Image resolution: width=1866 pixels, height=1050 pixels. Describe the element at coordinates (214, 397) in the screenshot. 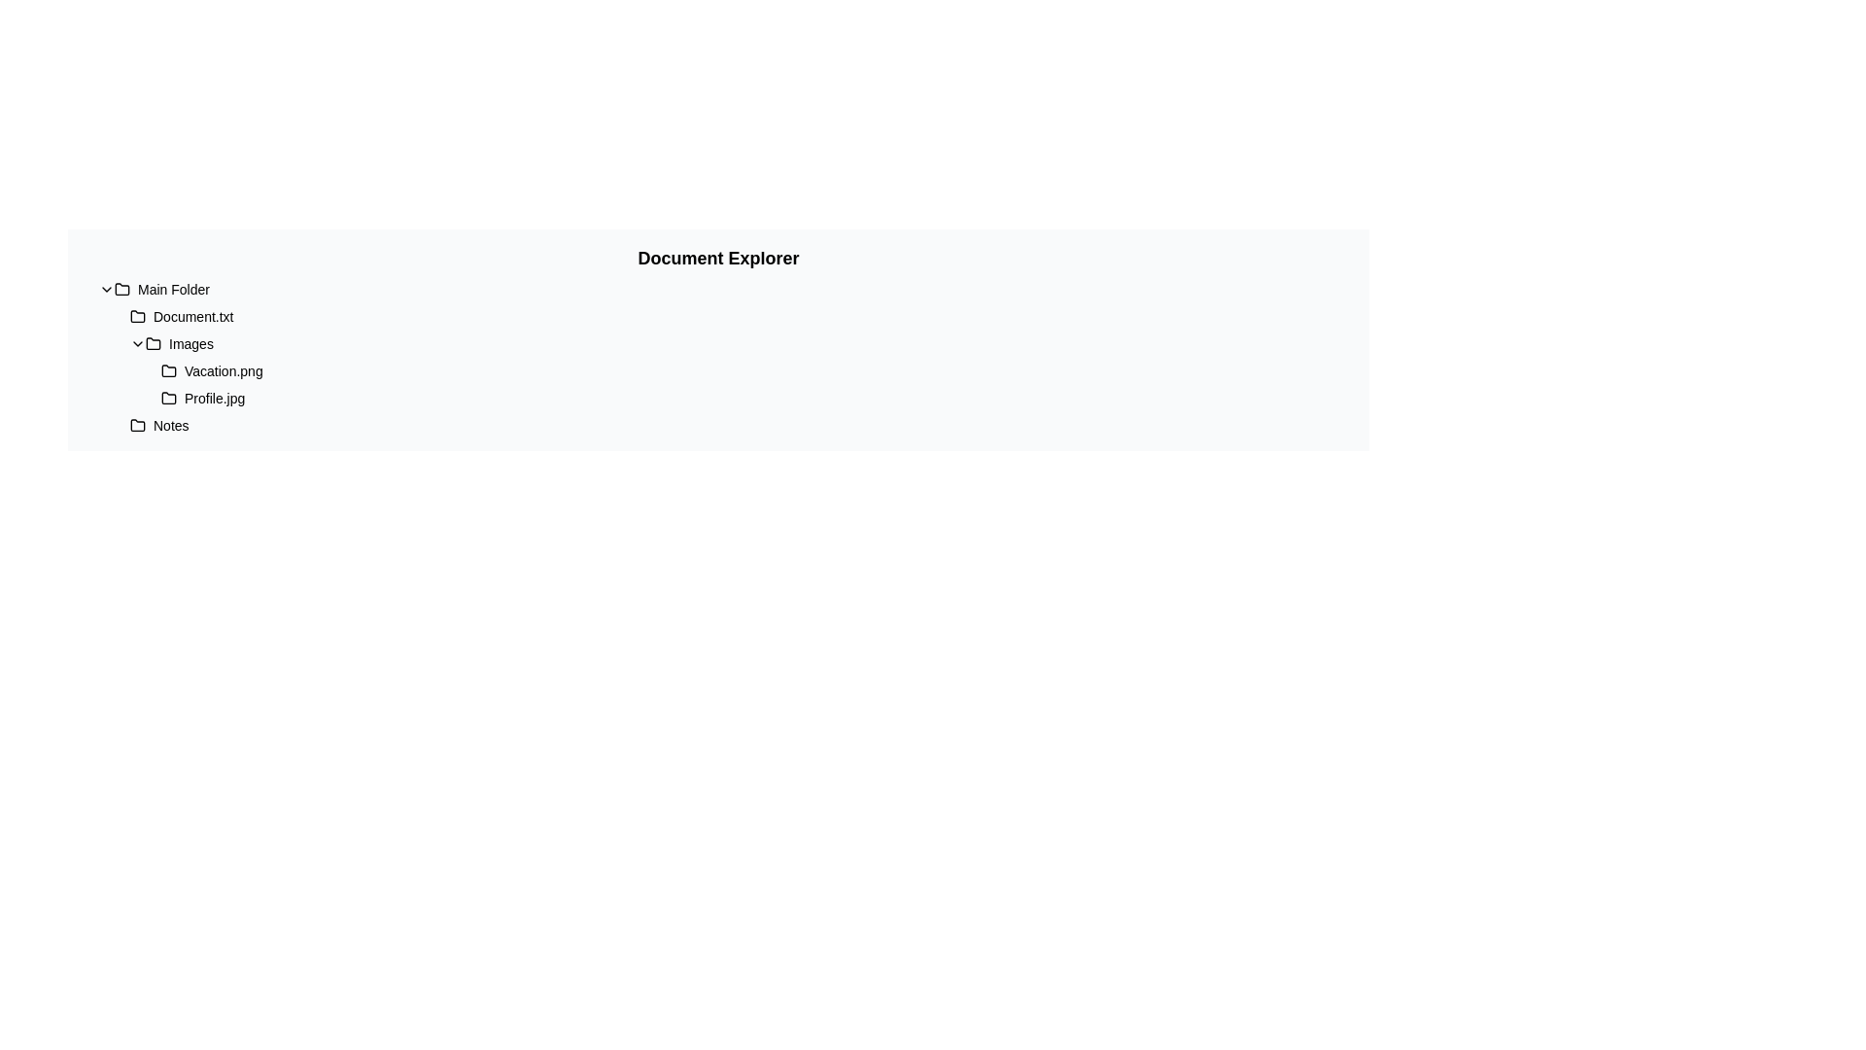

I see `the text label displaying the file name 'Profile.jpg' under the 'Images' folder` at that location.